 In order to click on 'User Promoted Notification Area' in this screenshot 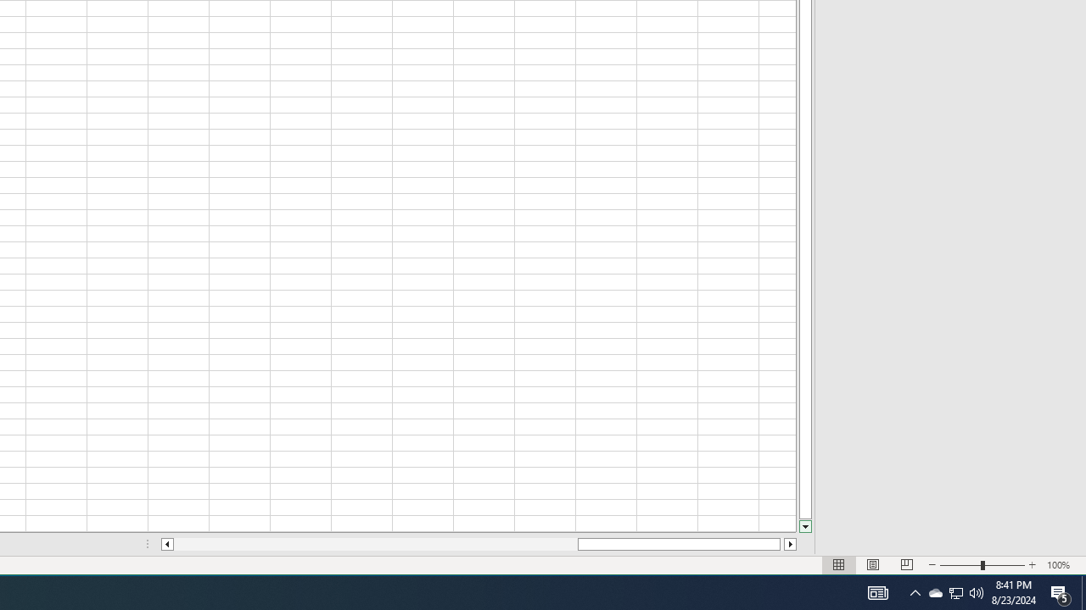, I will do `click(934, 591)`.